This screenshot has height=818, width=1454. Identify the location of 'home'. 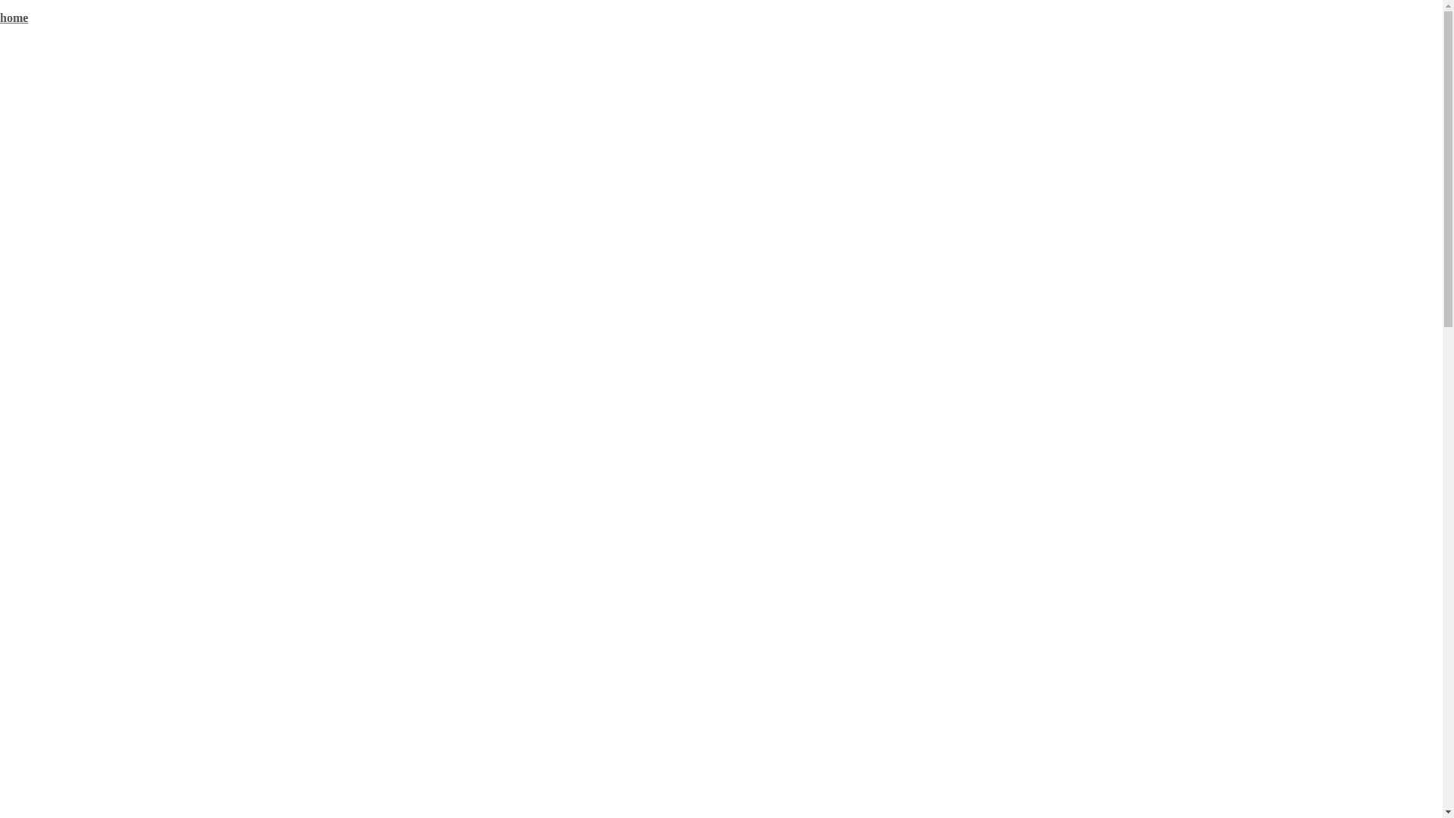
(14, 17).